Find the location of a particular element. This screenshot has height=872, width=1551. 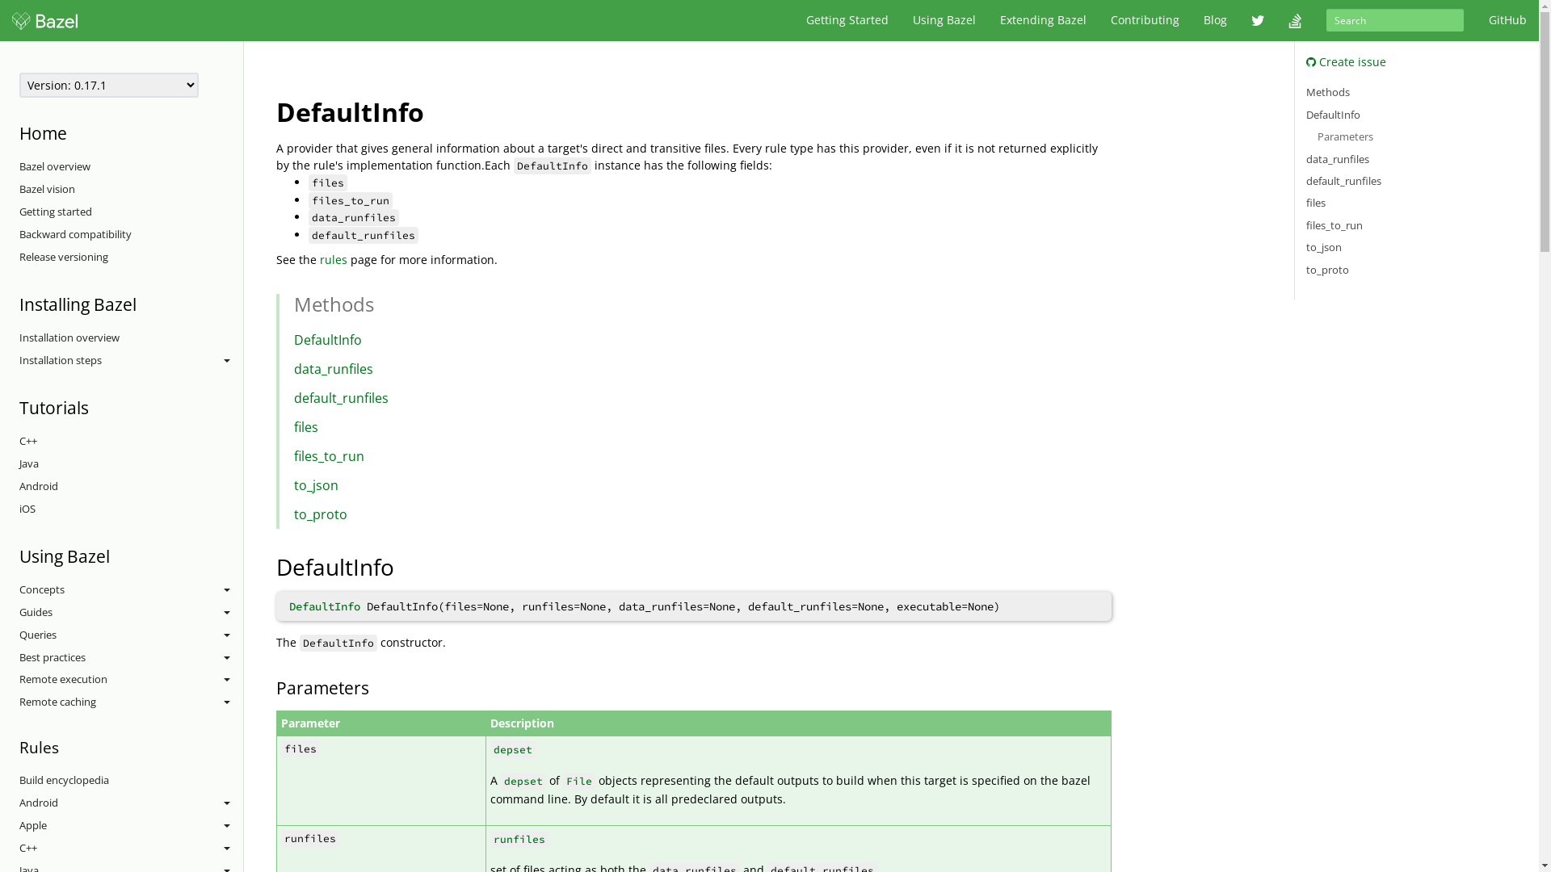

'to_json' is located at coordinates (316, 484).